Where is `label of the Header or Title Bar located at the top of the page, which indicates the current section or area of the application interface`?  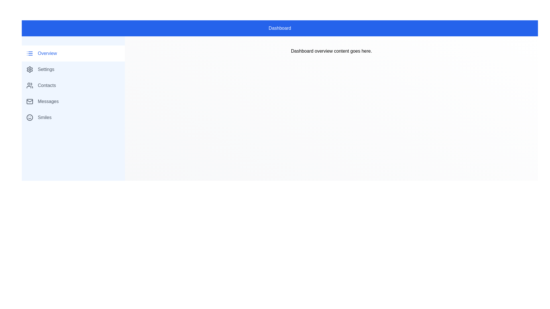 label of the Header or Title Bar located at the top of the page, which indicates the current section or area of the application interface is located at coordinates (280, 28).